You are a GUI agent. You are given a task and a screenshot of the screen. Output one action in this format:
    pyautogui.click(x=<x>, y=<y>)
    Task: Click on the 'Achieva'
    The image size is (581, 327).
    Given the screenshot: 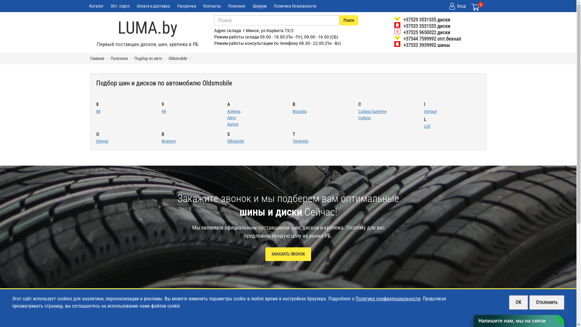 What is the action you would take?
    pyautogui.click(x=233, y=111)
    